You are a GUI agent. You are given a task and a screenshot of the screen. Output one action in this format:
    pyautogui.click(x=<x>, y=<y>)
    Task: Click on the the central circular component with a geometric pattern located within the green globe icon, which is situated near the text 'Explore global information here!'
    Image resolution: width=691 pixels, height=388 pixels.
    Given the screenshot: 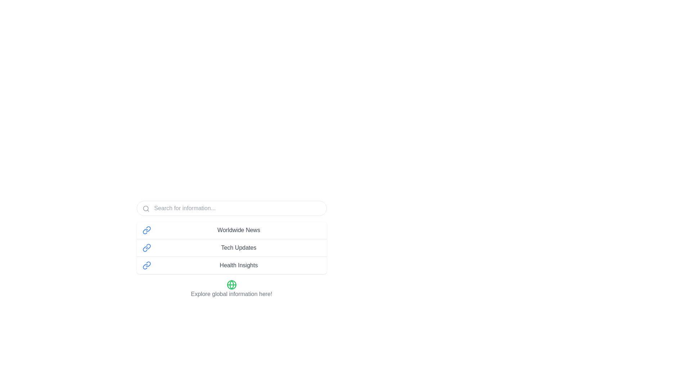 What is the action you would take?
    pyautogui.click(x=231, y=285)
    